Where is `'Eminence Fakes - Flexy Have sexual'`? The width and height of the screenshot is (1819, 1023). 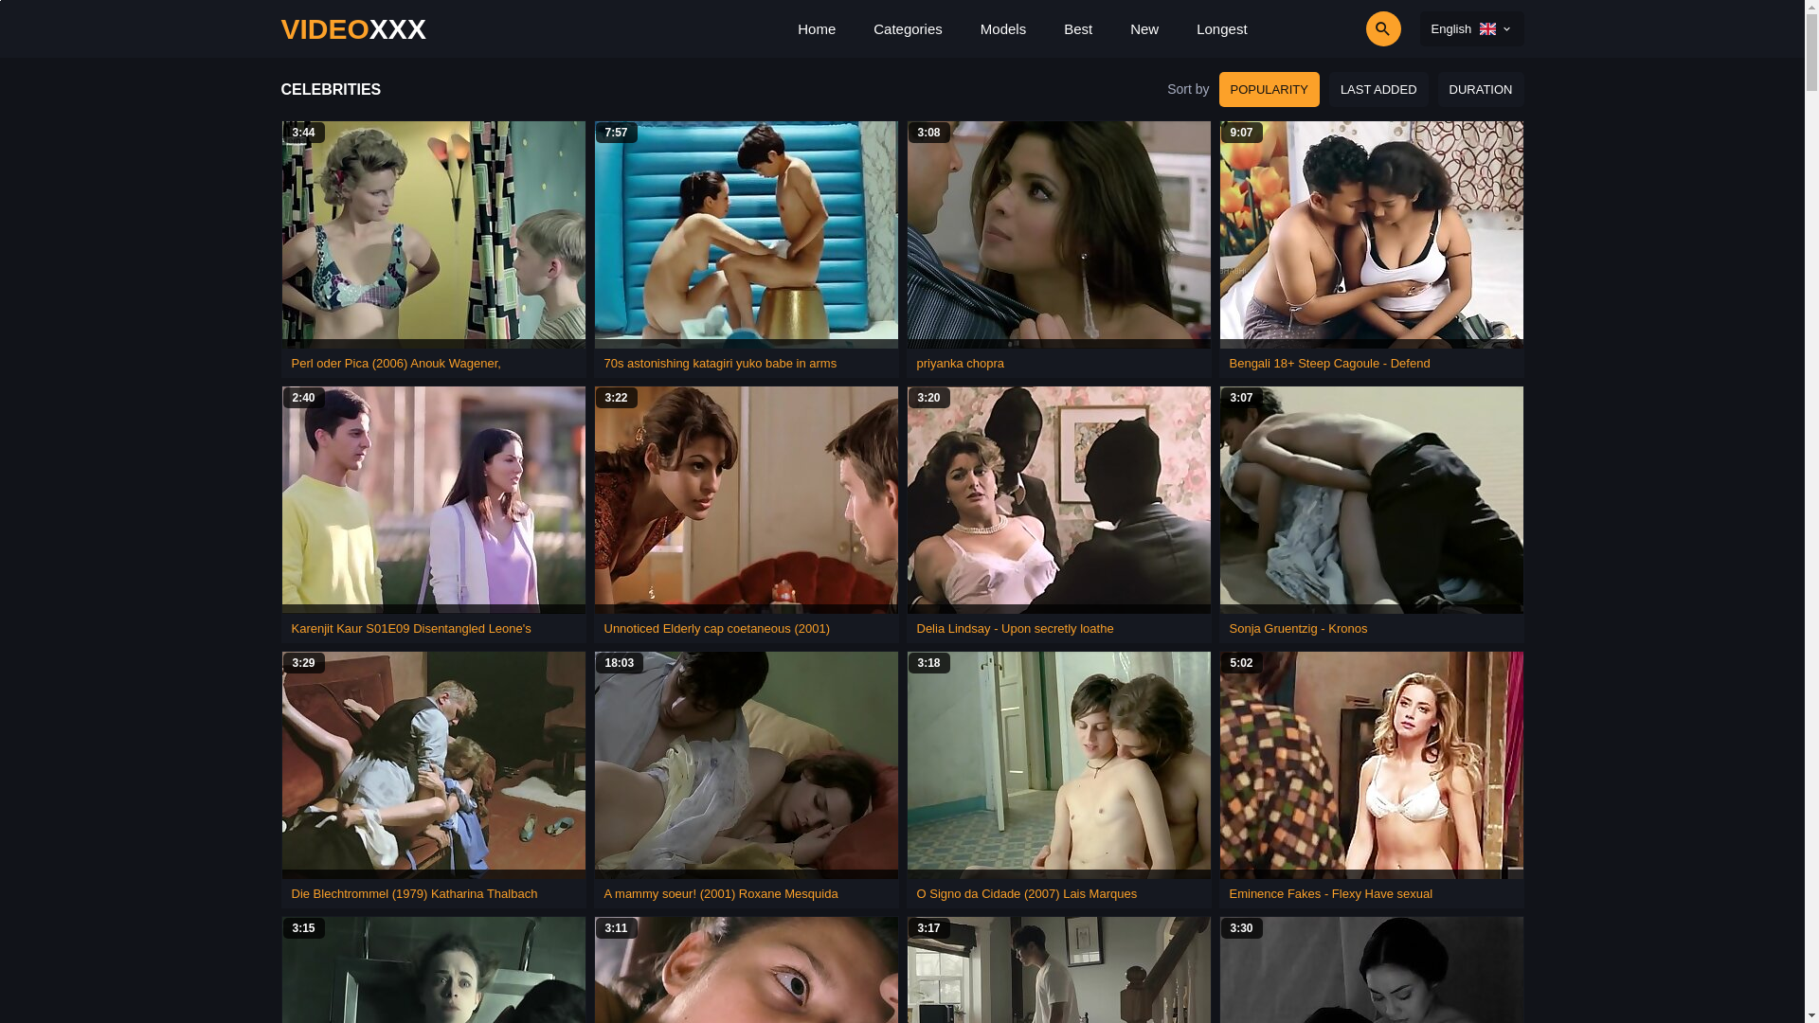
'Eminence Fakes - Flexy Have sexual' is located at coordinates (1330, 893).